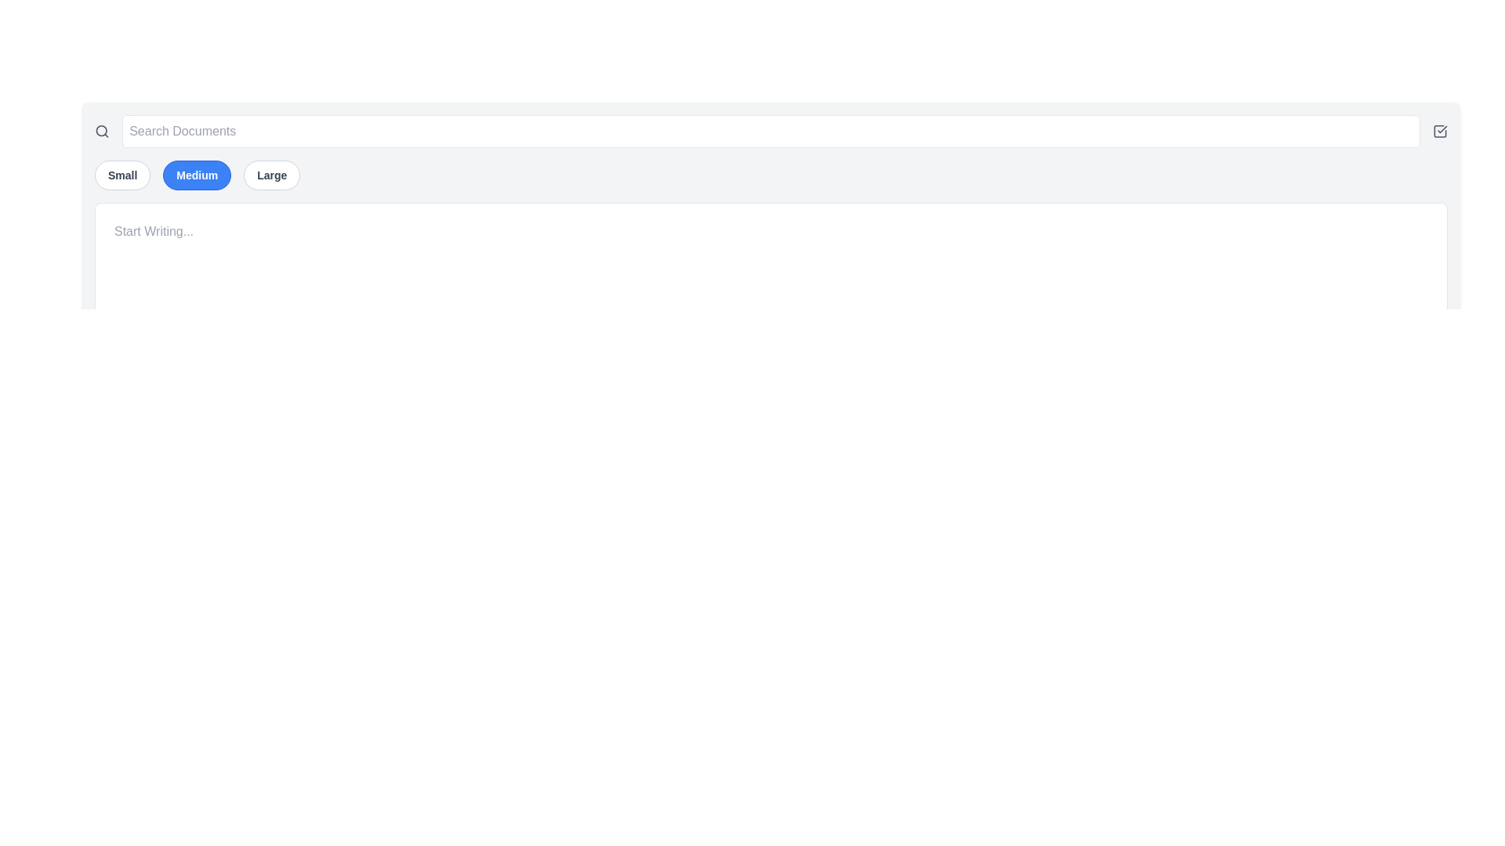  I want to click on the 'Small' button, which is a rounded rectangular button with a white background, gray text, and a gray border, located at the top left corner of the interface, so click(121, 175).